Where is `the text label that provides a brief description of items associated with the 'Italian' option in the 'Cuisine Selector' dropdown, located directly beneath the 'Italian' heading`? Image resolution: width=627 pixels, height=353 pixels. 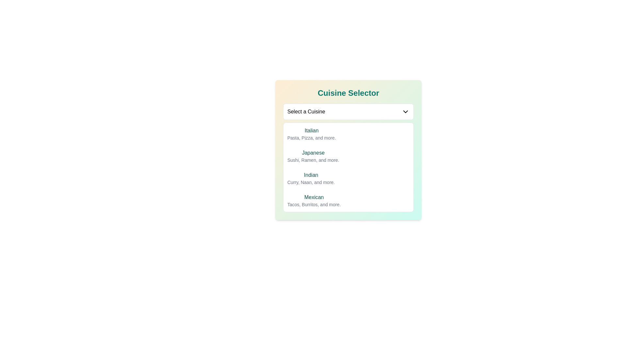 the text label that provides a brief description of items associated with the 'Italian' option in the 'Cuisine Selector' dropdown, located directly beneath the 'Italian' heading is located at coordinates (311, 137).